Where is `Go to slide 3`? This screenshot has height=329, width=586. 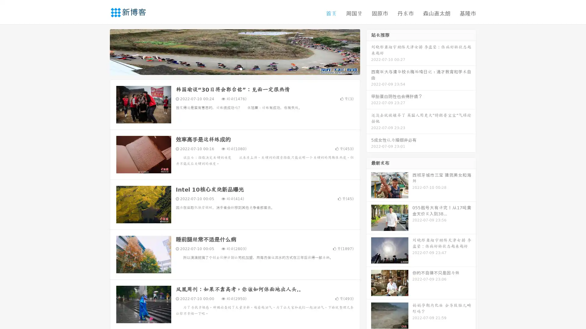
Go to slide 3 is located at coordinates (241, 69).